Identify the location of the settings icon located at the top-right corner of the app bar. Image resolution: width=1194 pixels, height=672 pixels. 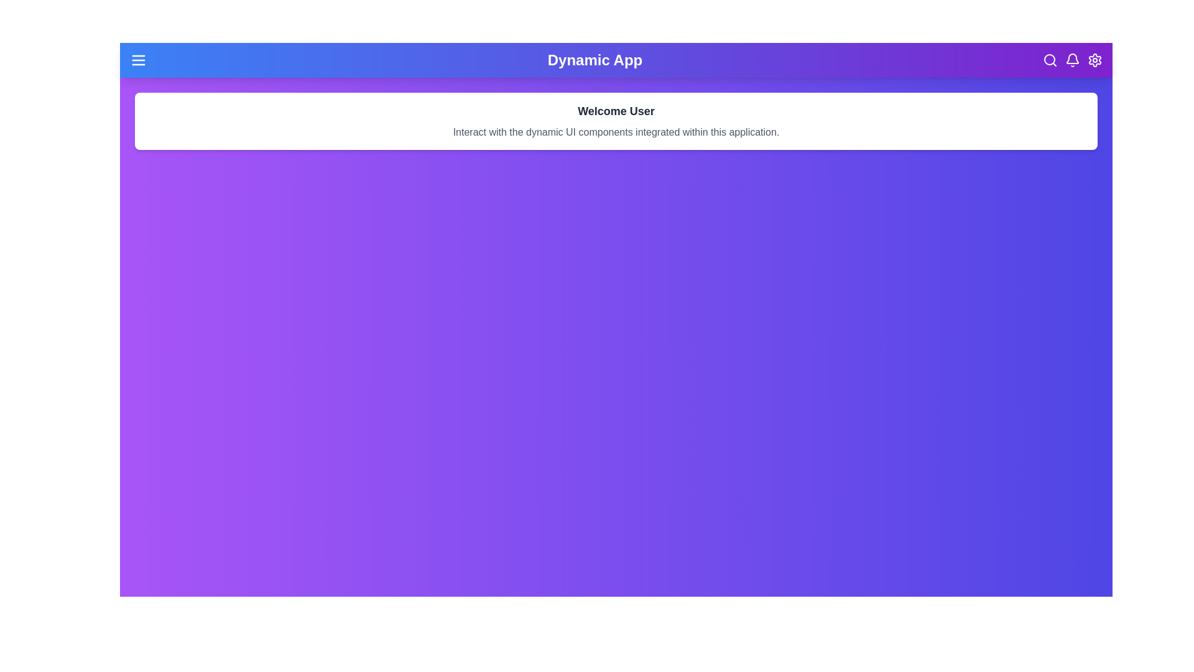
(1095, 60).